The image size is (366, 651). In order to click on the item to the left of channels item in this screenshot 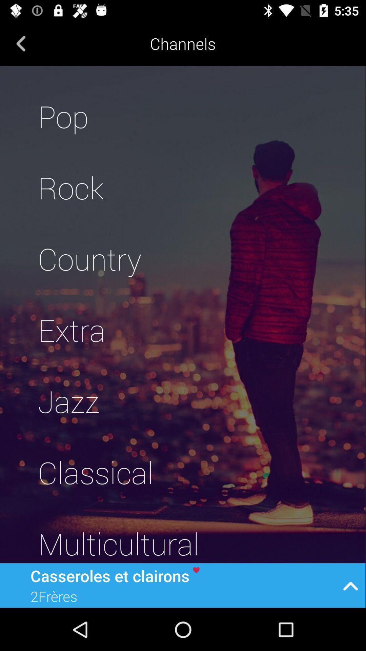, I will do `click(21, 43)`.